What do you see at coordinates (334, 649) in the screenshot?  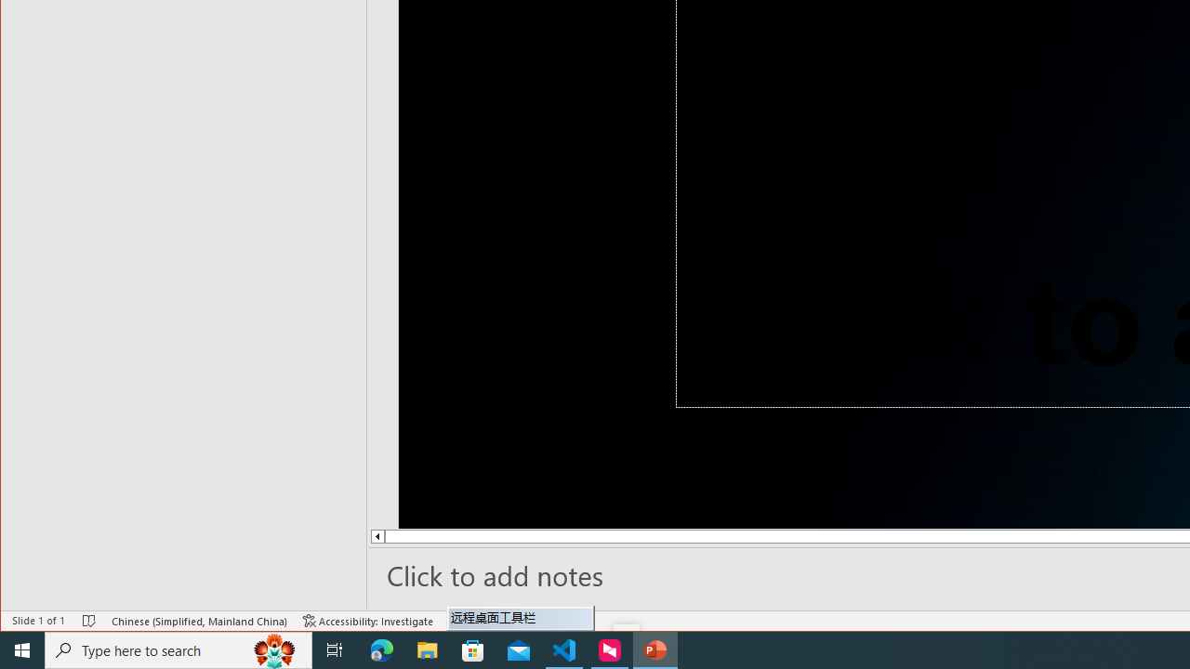 I see `'Task View'` at bounding box center [334, 649].